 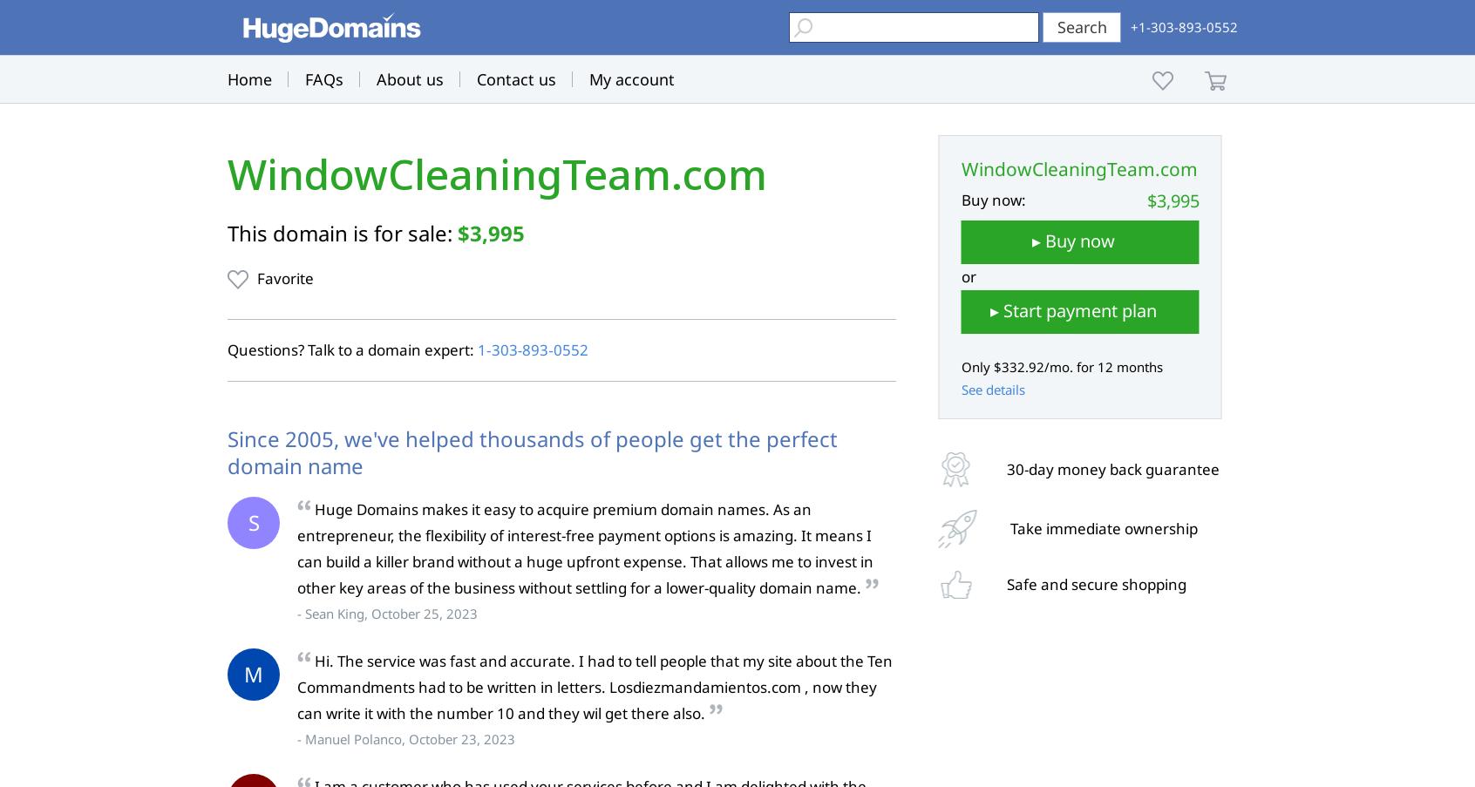 I want to click on 'This domain is for sale:', so click(x=343, y=232).